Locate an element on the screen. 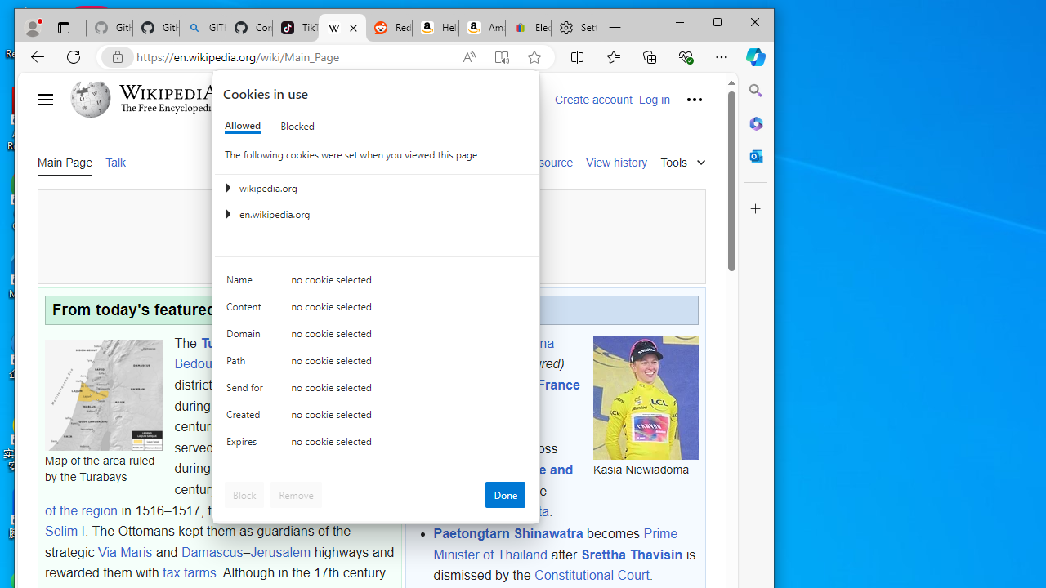 The width and height of the screenshot is (1046, 588). 'Name' is located at coordinates (246, 283).